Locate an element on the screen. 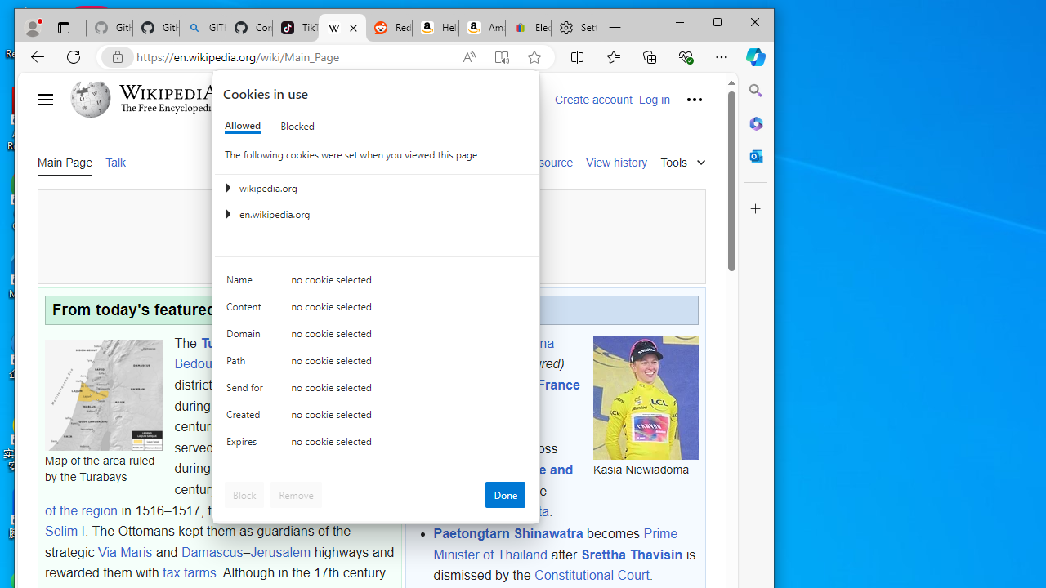 The width and height of the screenshot is (1046, 588). 'Name' is located at coordinates (246, 283).